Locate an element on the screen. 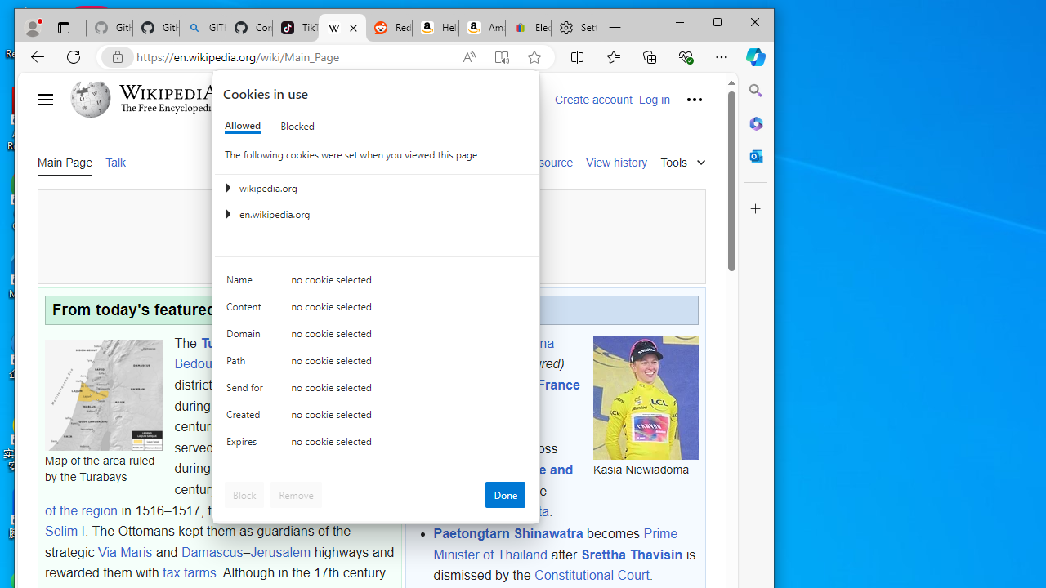 The width and height of the screenshot is (1046, 588). 'Name' is located at coordinates (246, 283).